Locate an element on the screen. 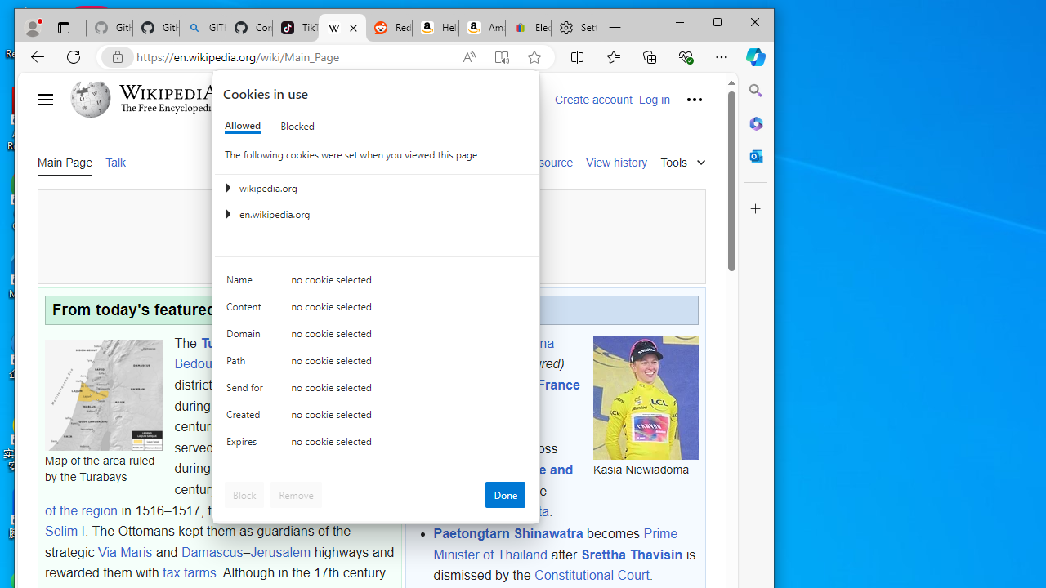 The width and height of the screenshot is (1046, 588). 'Name' is located at coordinates (246, 283).